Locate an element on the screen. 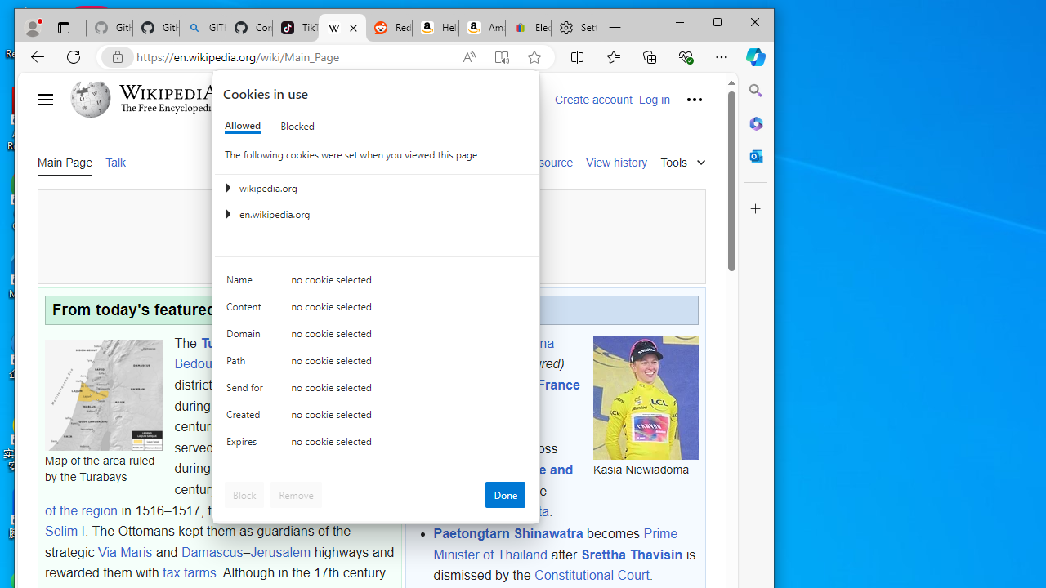 The width and height of the screenshot is (1046, 588). 'Name' is located at coordinates (246, 283).